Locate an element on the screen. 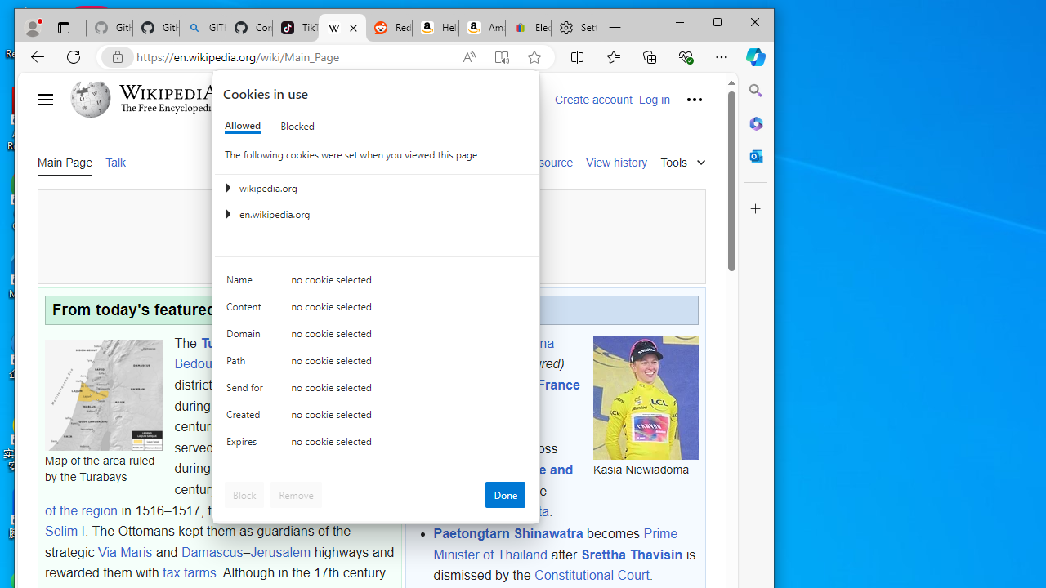 The width and height of the screenshot is (1046, 588). 'Name' is located at coordinates (246, 283).